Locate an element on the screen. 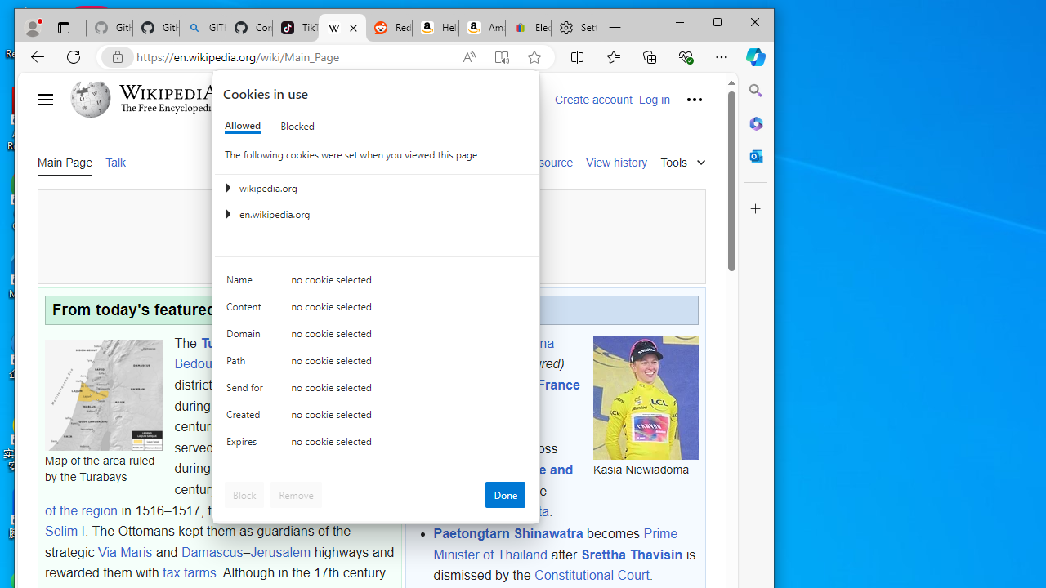 The width and height of the screenshot is (1046, 588). 'Name' is located at coordinates (246, 283).